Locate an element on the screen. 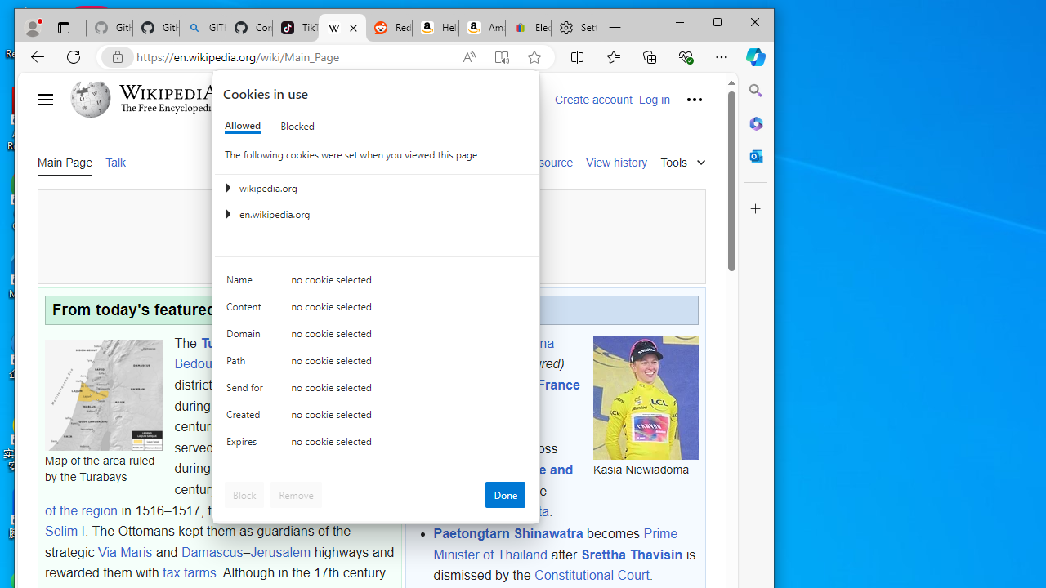 The width and height of the screenshot is (1046, 588). 'Name' is located at coordinates (246, 283).